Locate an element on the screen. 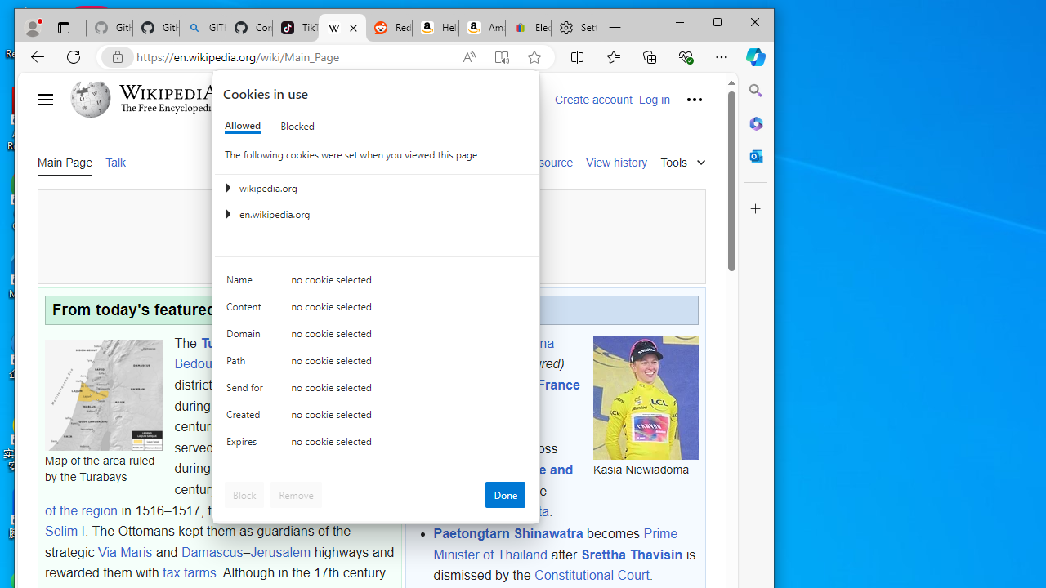 The width and height of the screenshot is (1046, 588). 'Name' is located at coordinates (246, 283).